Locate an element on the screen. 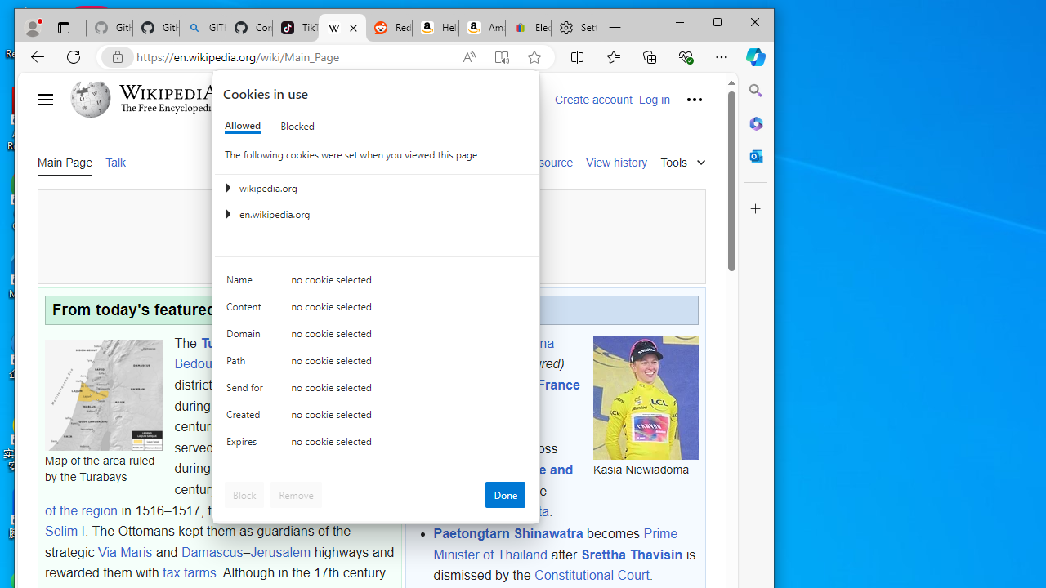 The width and height of the screenshot is (1046, 588). 'Name' is located at coordinates (246, 283).